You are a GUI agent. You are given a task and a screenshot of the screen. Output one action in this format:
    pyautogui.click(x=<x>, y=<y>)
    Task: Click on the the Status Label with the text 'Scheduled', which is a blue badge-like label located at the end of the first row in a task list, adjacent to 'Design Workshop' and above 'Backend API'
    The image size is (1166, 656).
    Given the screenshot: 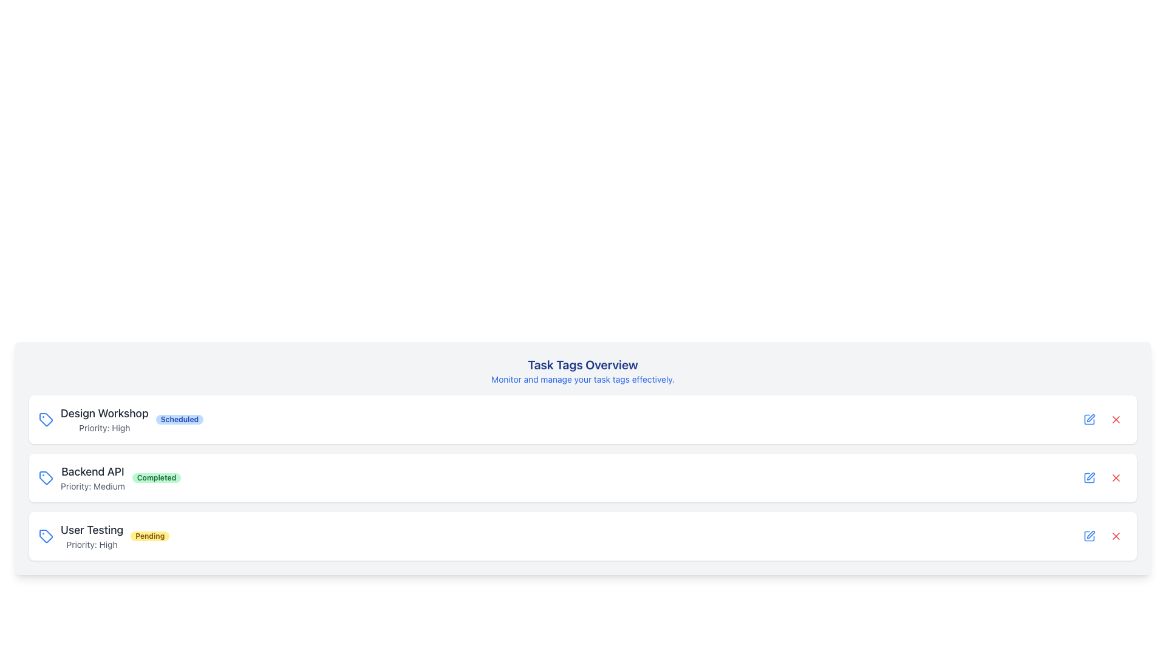 What is the action you would take?
    pyautogui.click(x=179, y=419)
    